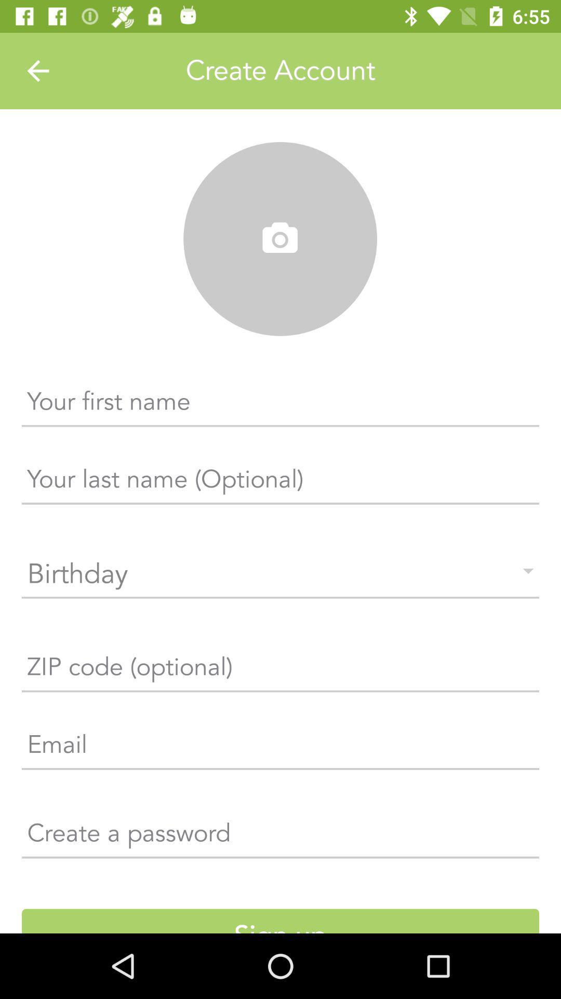  Describe the element at coordinates (280, 70) in the screenshot. I see `create account` at that location.